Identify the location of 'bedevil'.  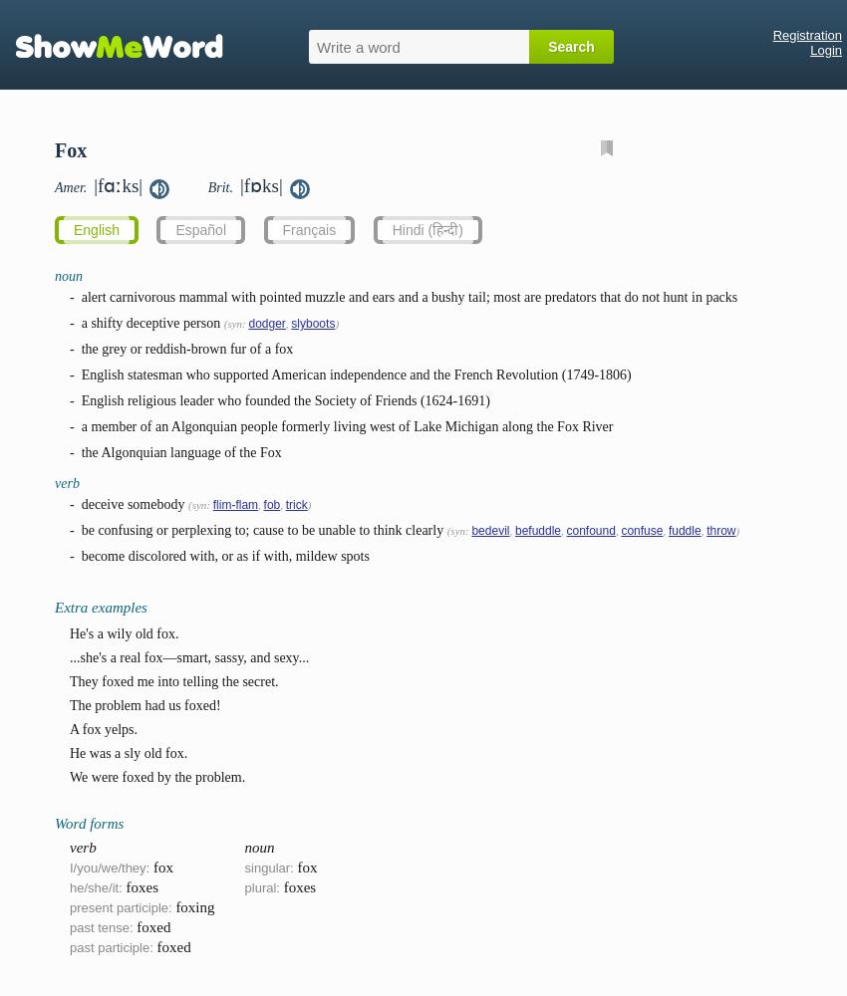
(489, 531).